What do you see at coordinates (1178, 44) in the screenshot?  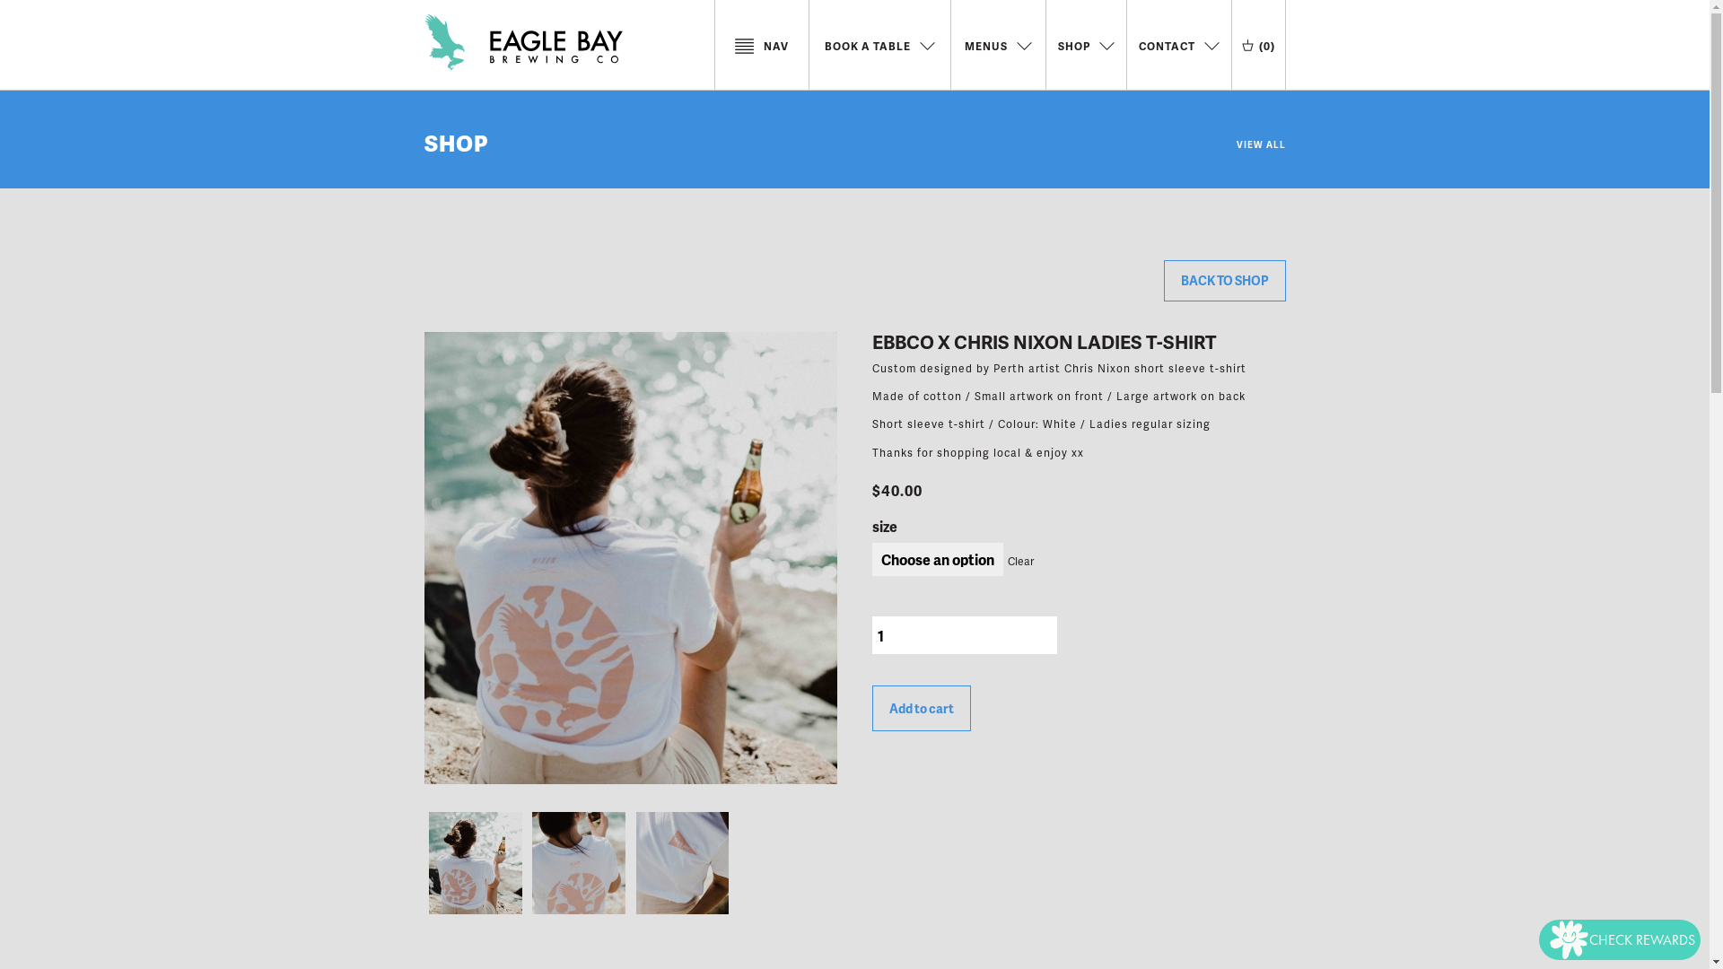 I see `'CONTACT'` at bounding box center [1178, 44].